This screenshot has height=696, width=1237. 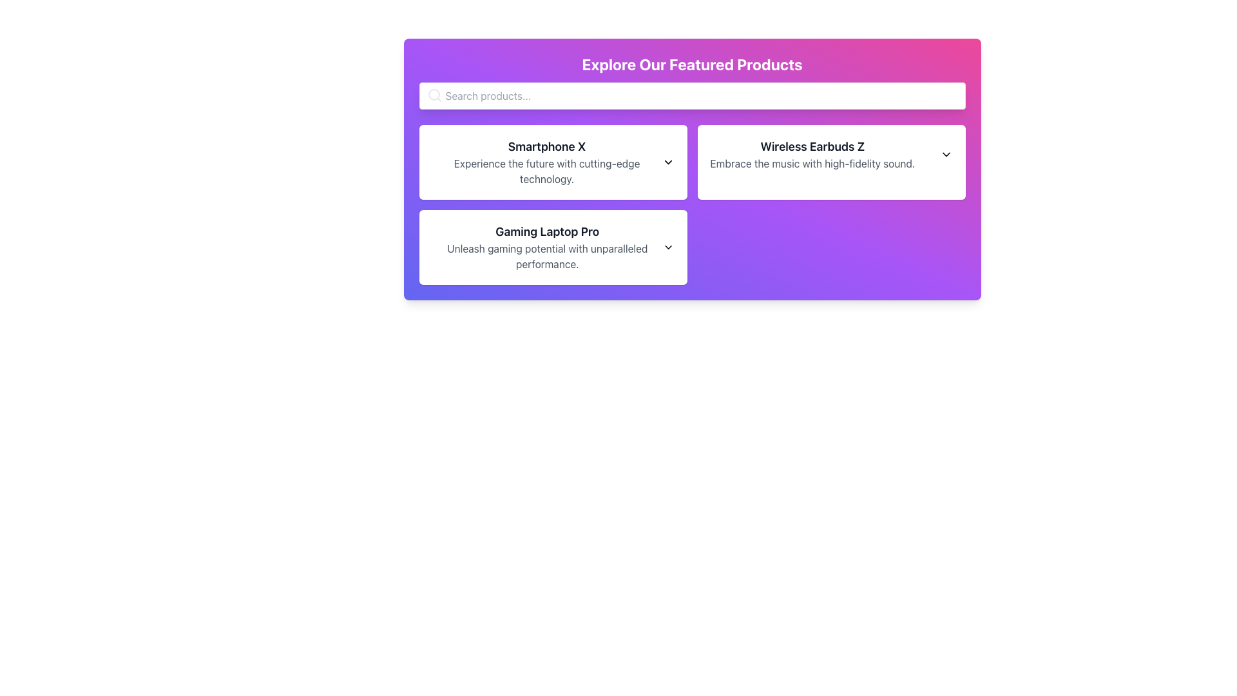 What do you see at coordinates (812, 153) in the screenshot?
I see `text block displaying 'Wireless Earbuds Z' and its subtitle 'Embrace the music with high-fidelity sound.' which is located in the second card of a grid-like structure` at bounding box center [812, 153].